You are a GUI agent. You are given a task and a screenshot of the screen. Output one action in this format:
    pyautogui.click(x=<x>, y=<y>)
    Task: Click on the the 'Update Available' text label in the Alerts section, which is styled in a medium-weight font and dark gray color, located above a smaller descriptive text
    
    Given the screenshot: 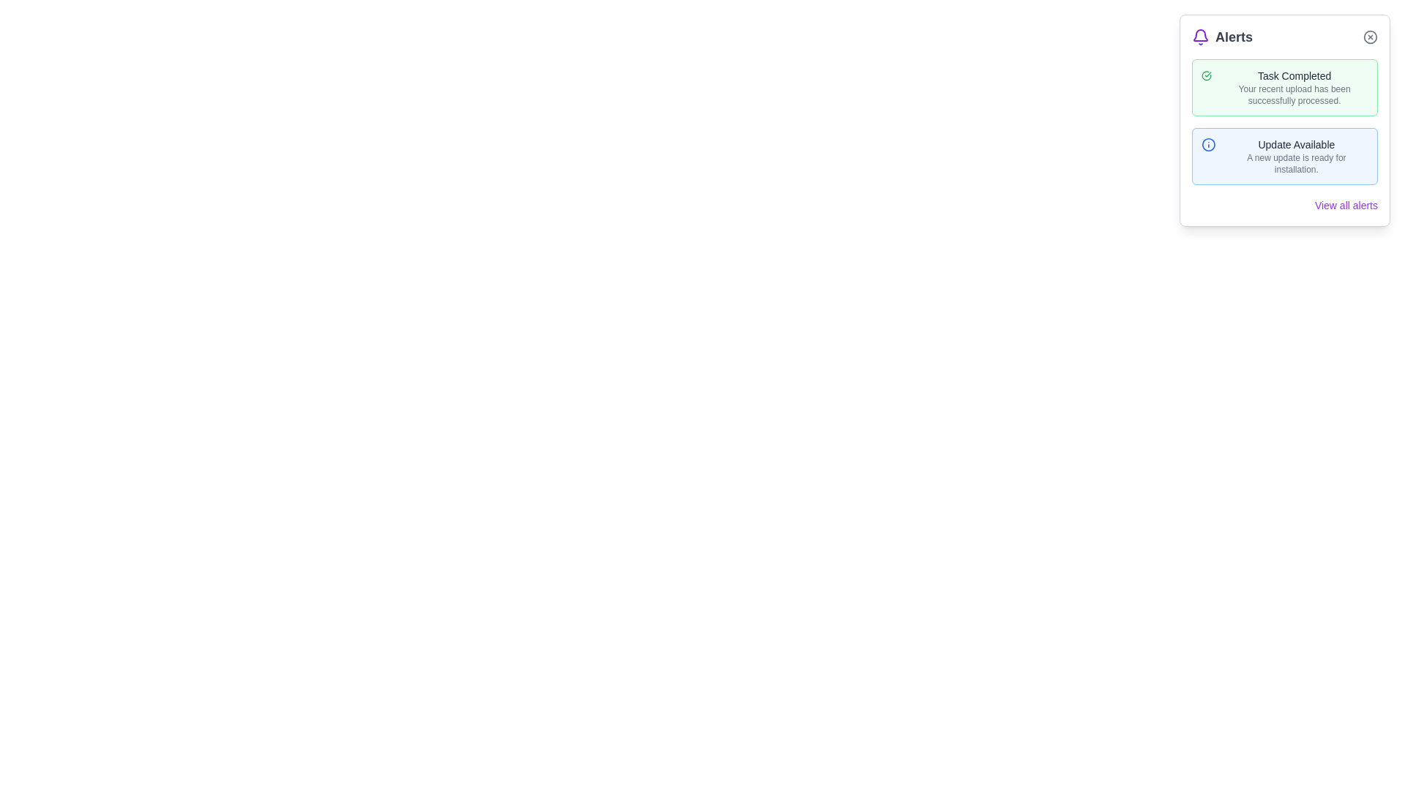 What is the action you would take?
    pyautogui.click(x=1296, y=144)
    